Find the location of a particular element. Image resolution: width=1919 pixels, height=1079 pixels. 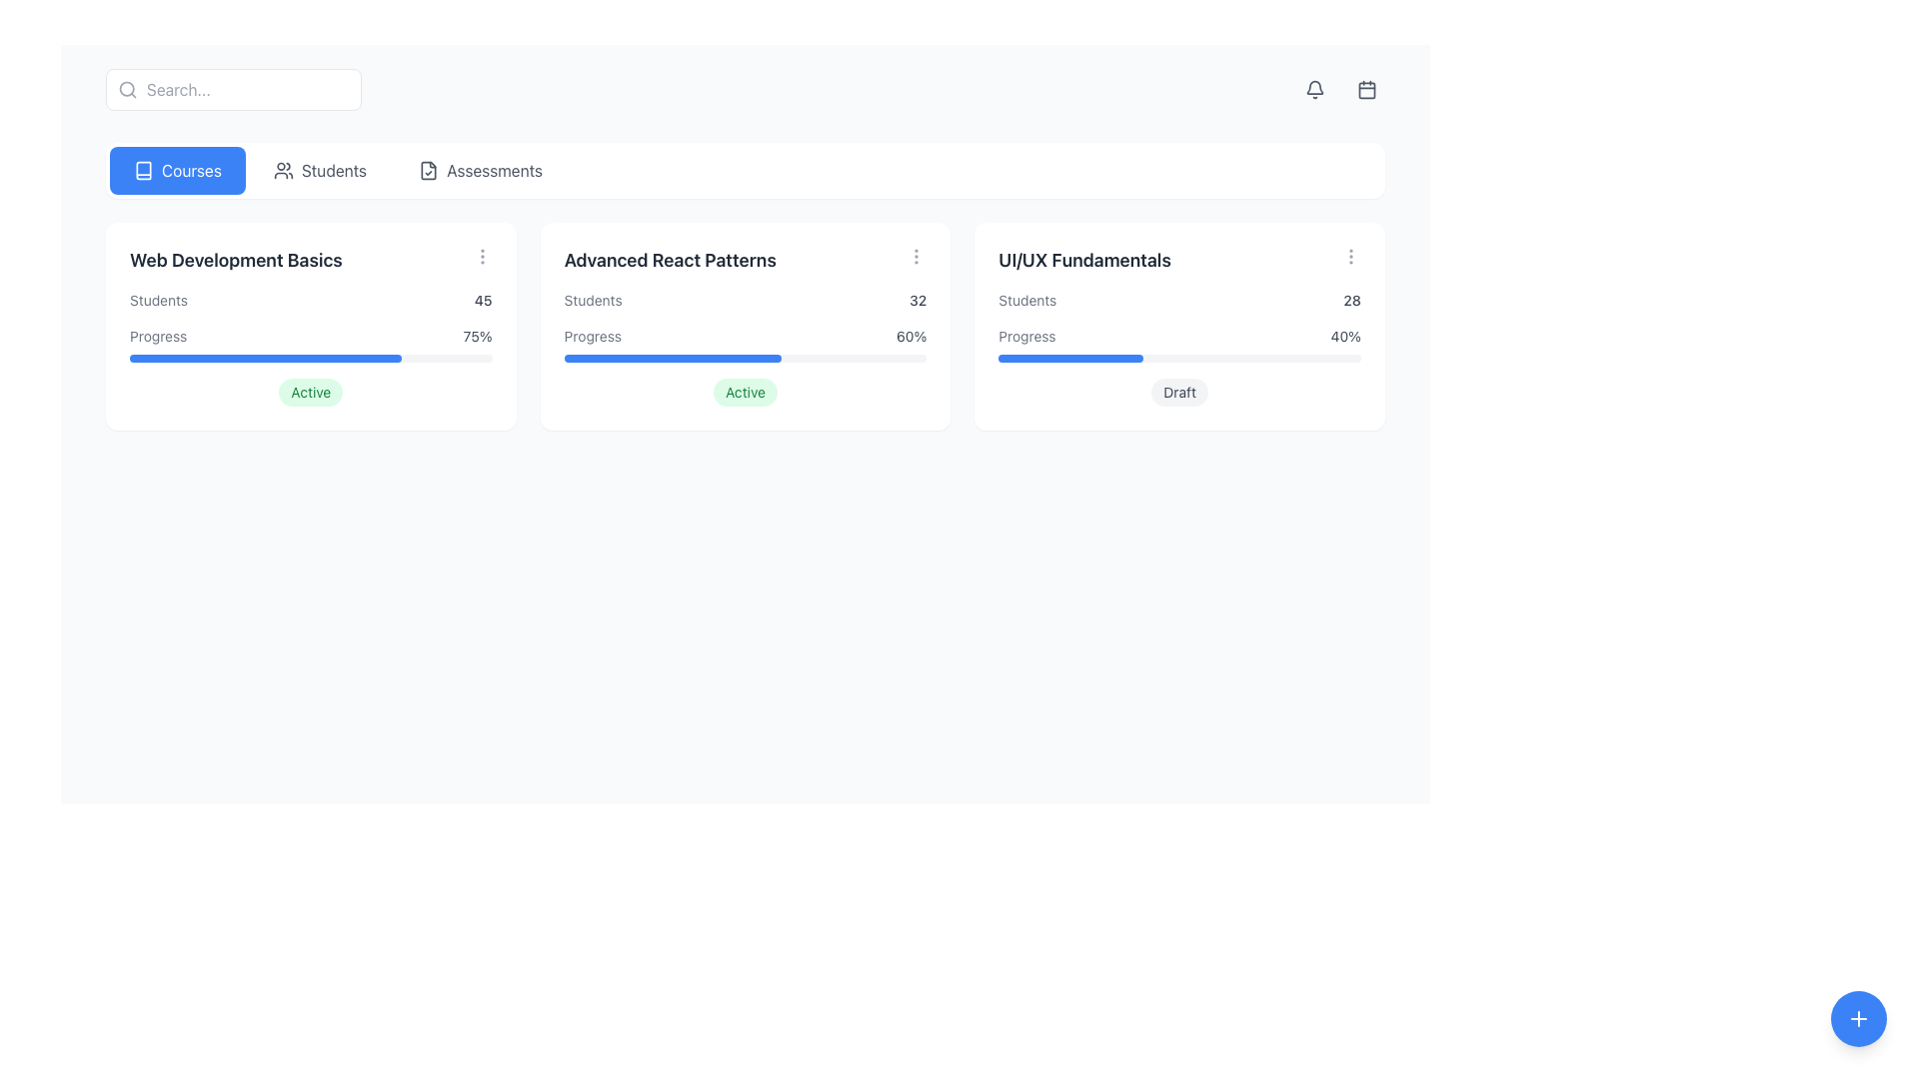

the vertical ellipsis icon located at the top-right corner of the 'UI/UX Fundamentals' card is located at coordinates (1351, 256).